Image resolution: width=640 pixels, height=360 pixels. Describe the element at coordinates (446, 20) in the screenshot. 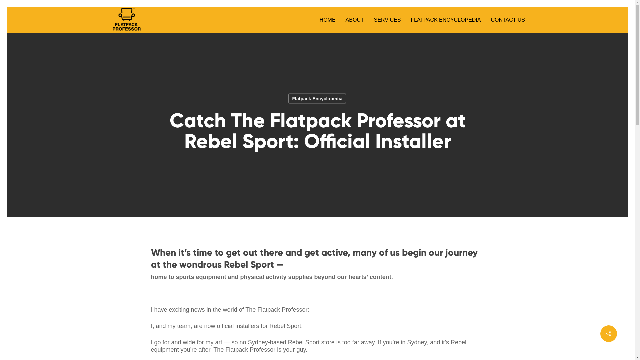

I see `'FLATPACK ENCYCLOPEDIA'` at that location.